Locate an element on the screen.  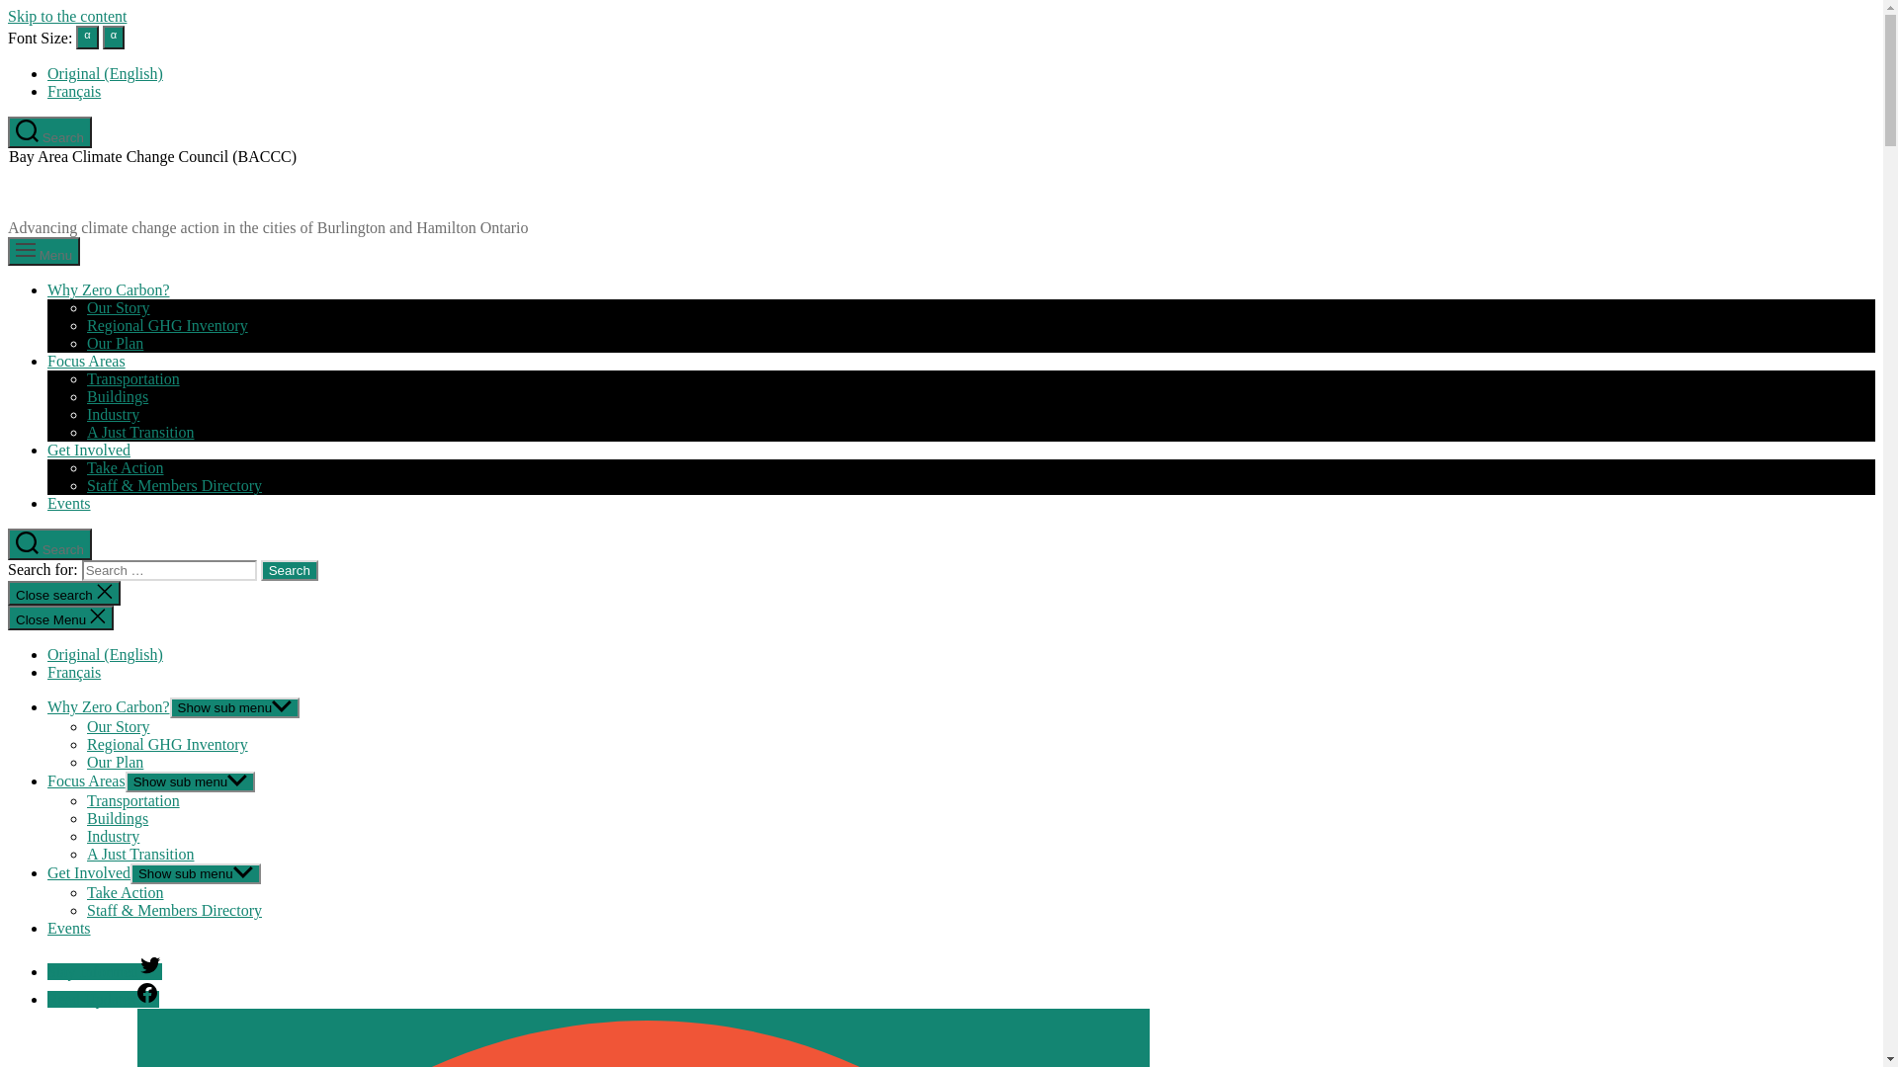
'Menu' is located at coordinates (43, 250).